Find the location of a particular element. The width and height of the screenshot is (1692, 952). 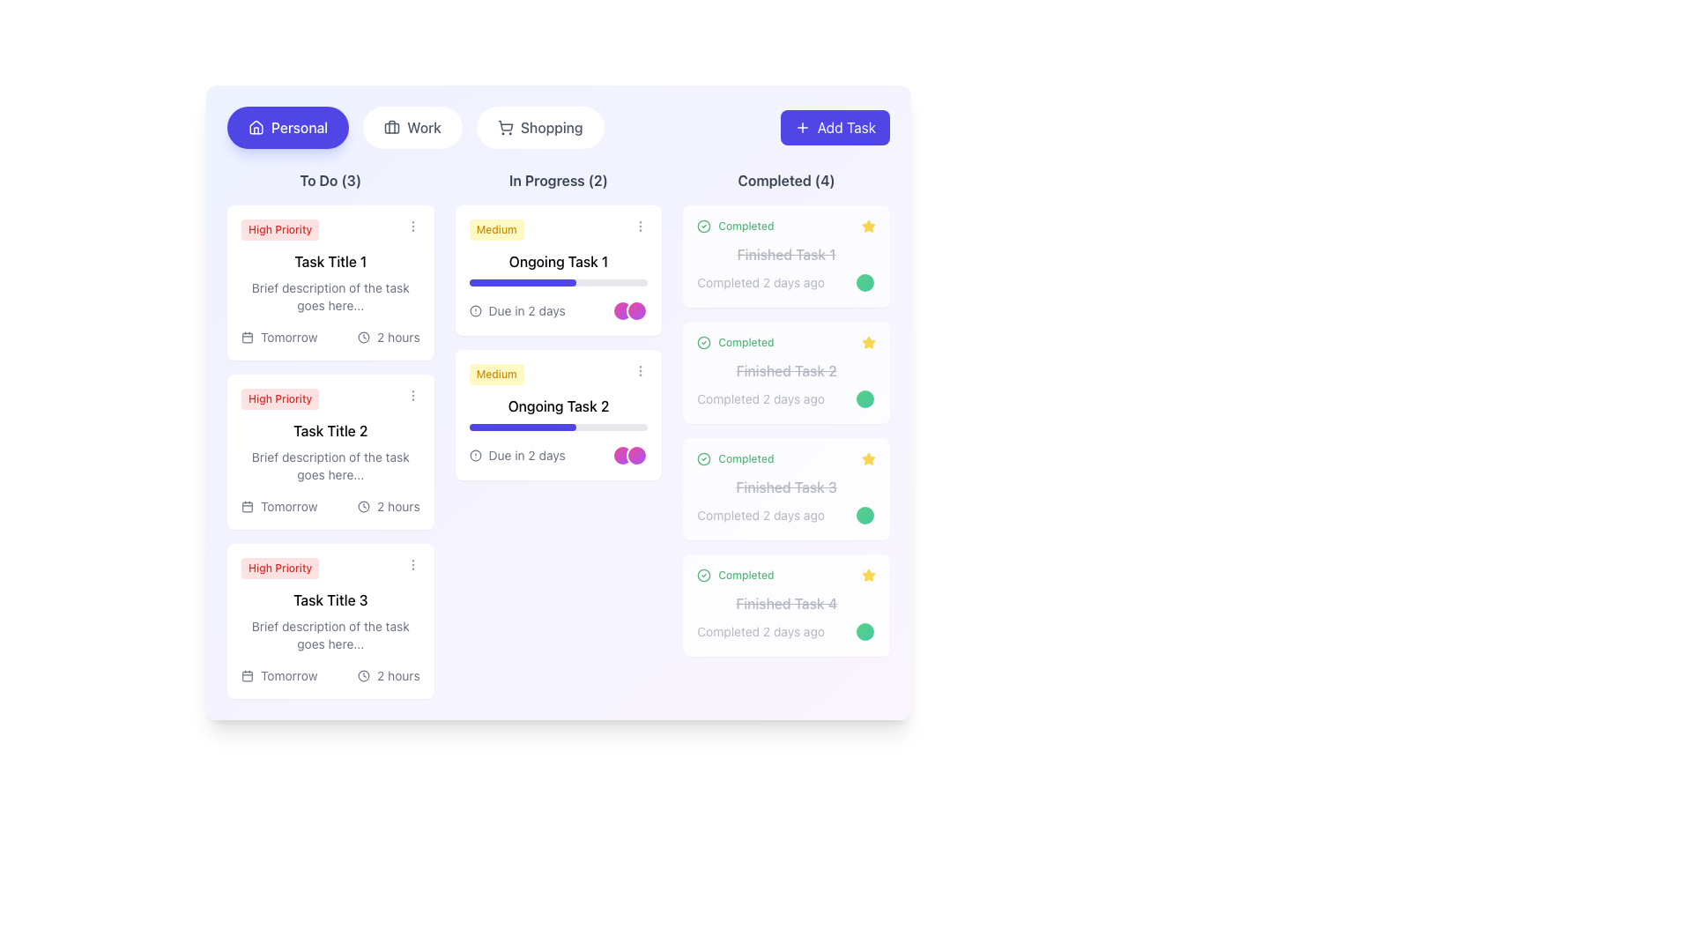

text content of the Text Label that shows the completion time for 'Finished Task 1' in the 'Completed' section is located at coordinates (761, 281).